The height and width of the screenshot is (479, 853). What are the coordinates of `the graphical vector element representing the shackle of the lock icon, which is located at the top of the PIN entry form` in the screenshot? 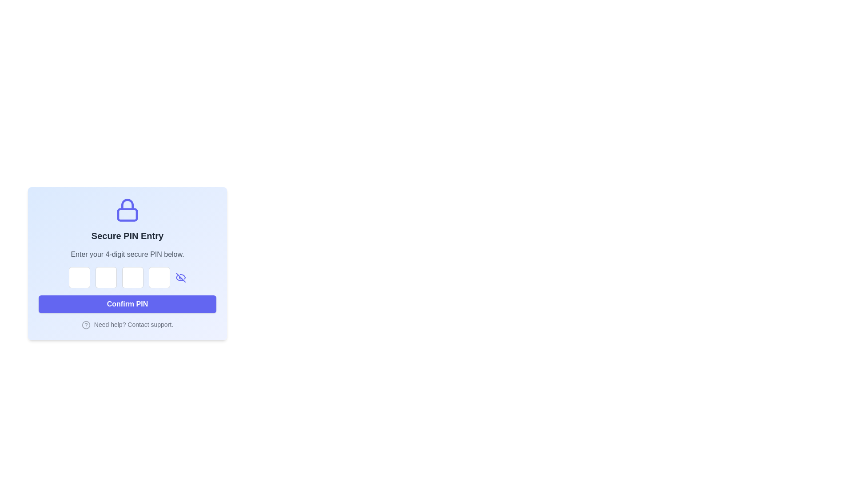 It's located at (127, 204).